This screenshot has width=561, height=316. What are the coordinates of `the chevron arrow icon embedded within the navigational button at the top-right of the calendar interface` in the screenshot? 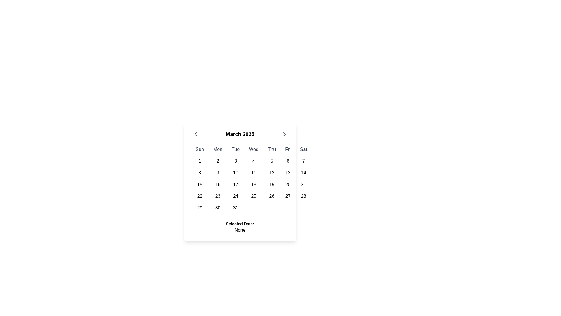 It's located at (284, 134).